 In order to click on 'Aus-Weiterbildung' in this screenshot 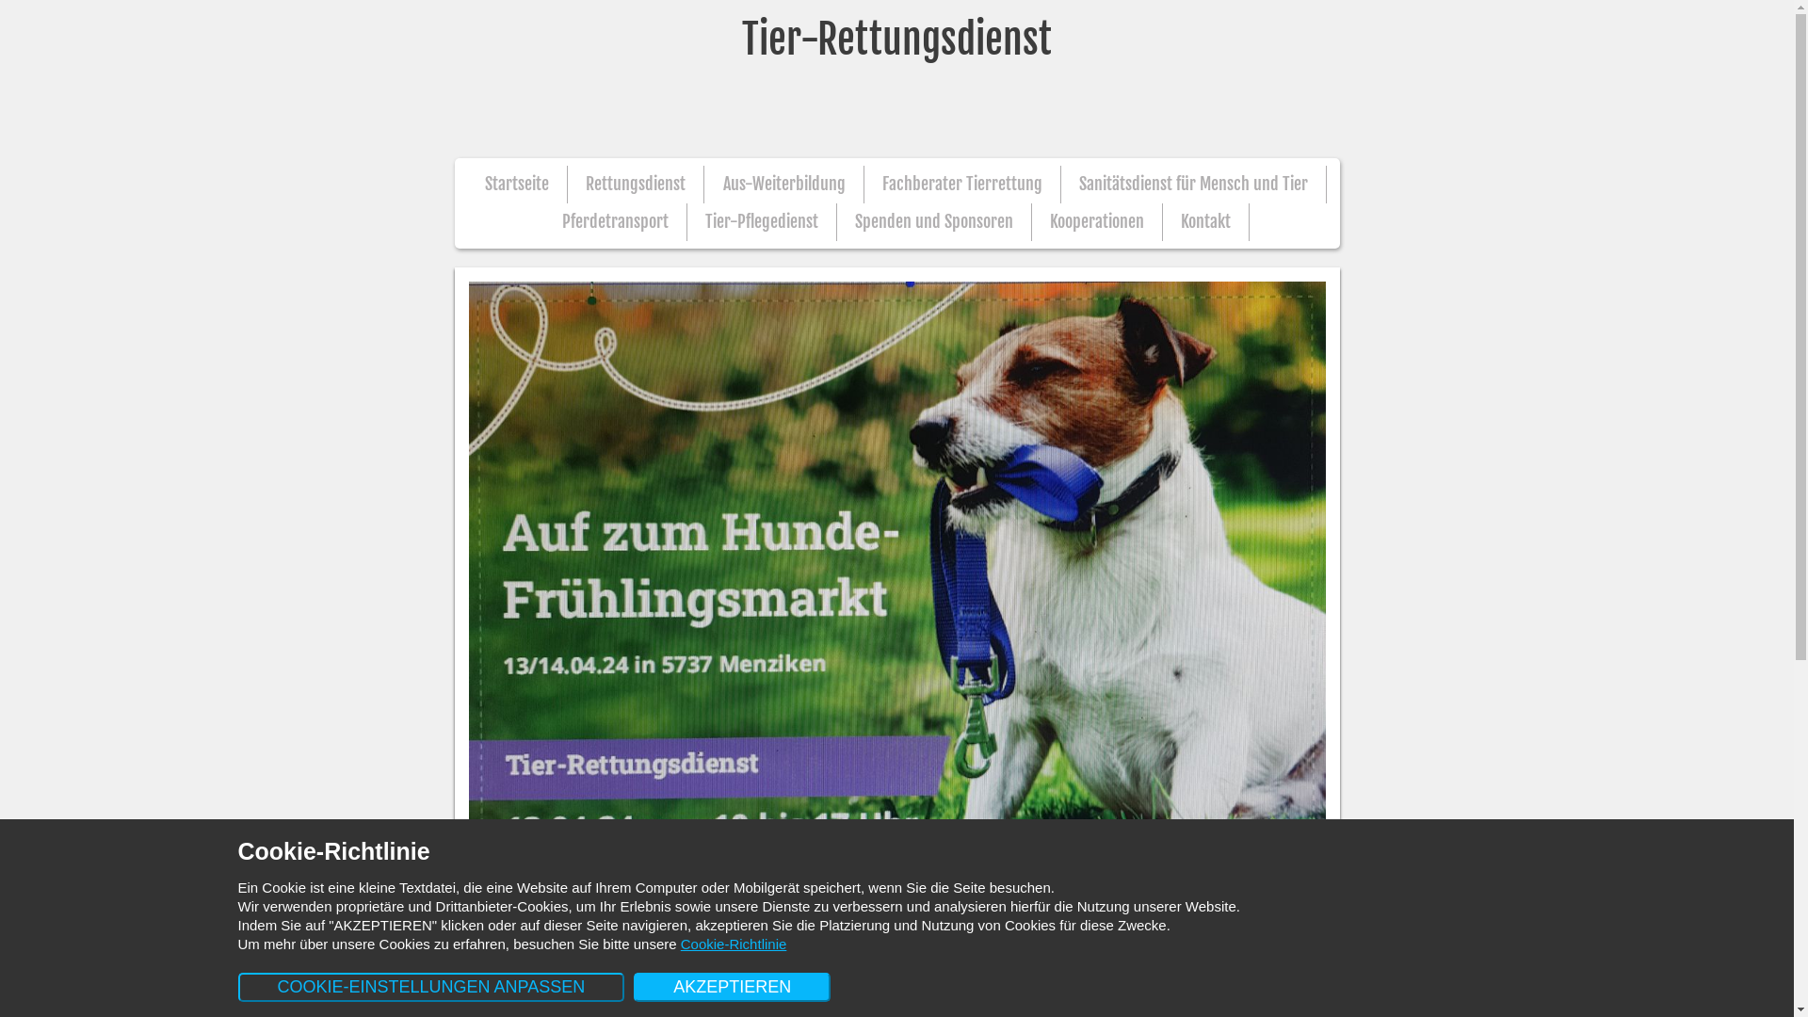, I will do `click(784, 185)`.